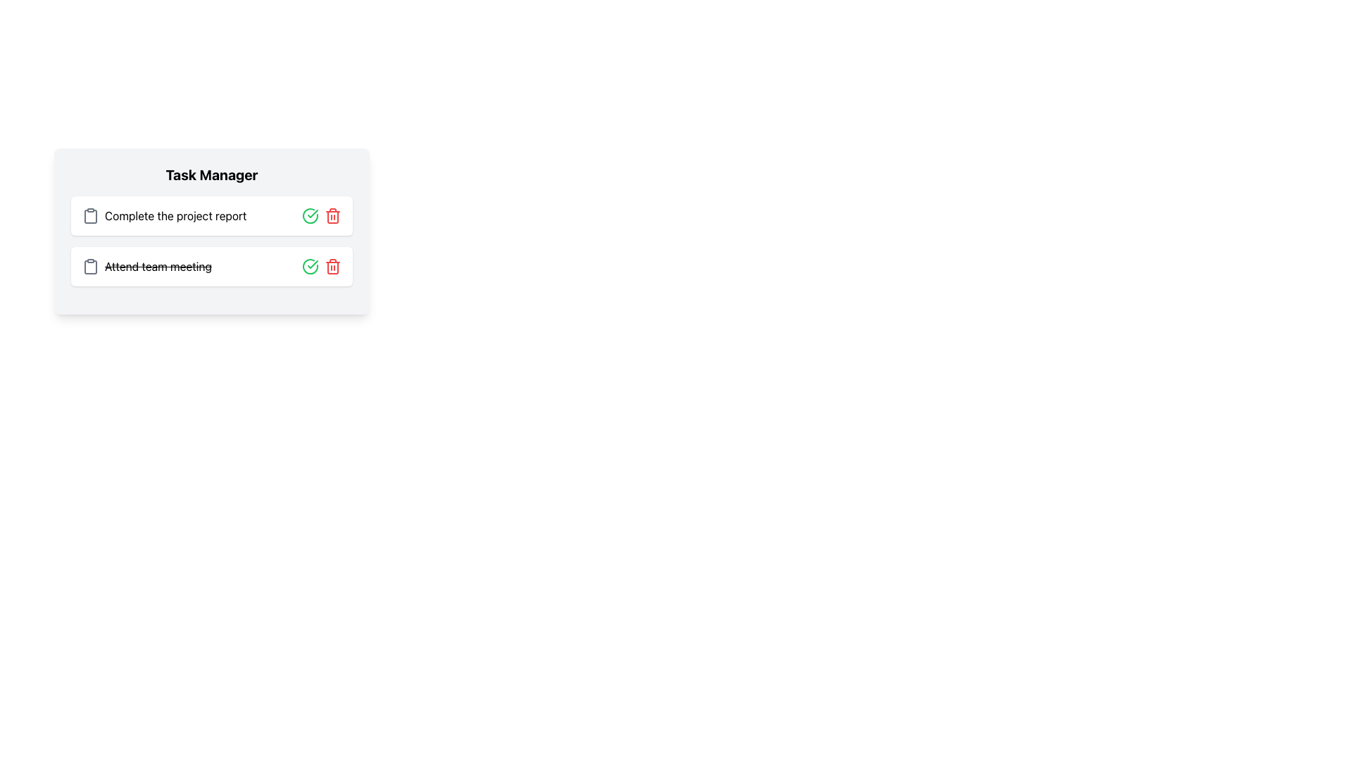  What do you see at coordinates (164, 216) in the screenshot?
I see `the Text Label that displays the title of the first task entry in the Task Manager interface, positioned above the 'Attend team meeting' task` at bounding box center [164, 216].